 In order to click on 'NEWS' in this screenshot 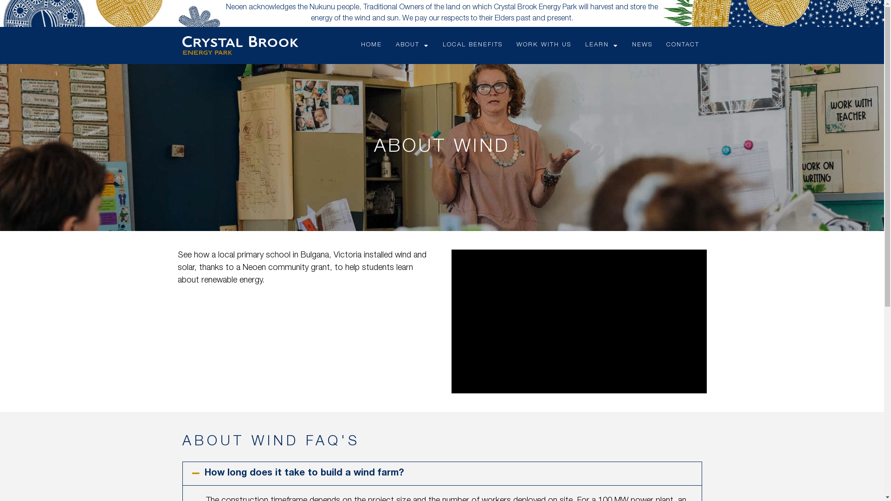, I will do `click(641, 45)`.